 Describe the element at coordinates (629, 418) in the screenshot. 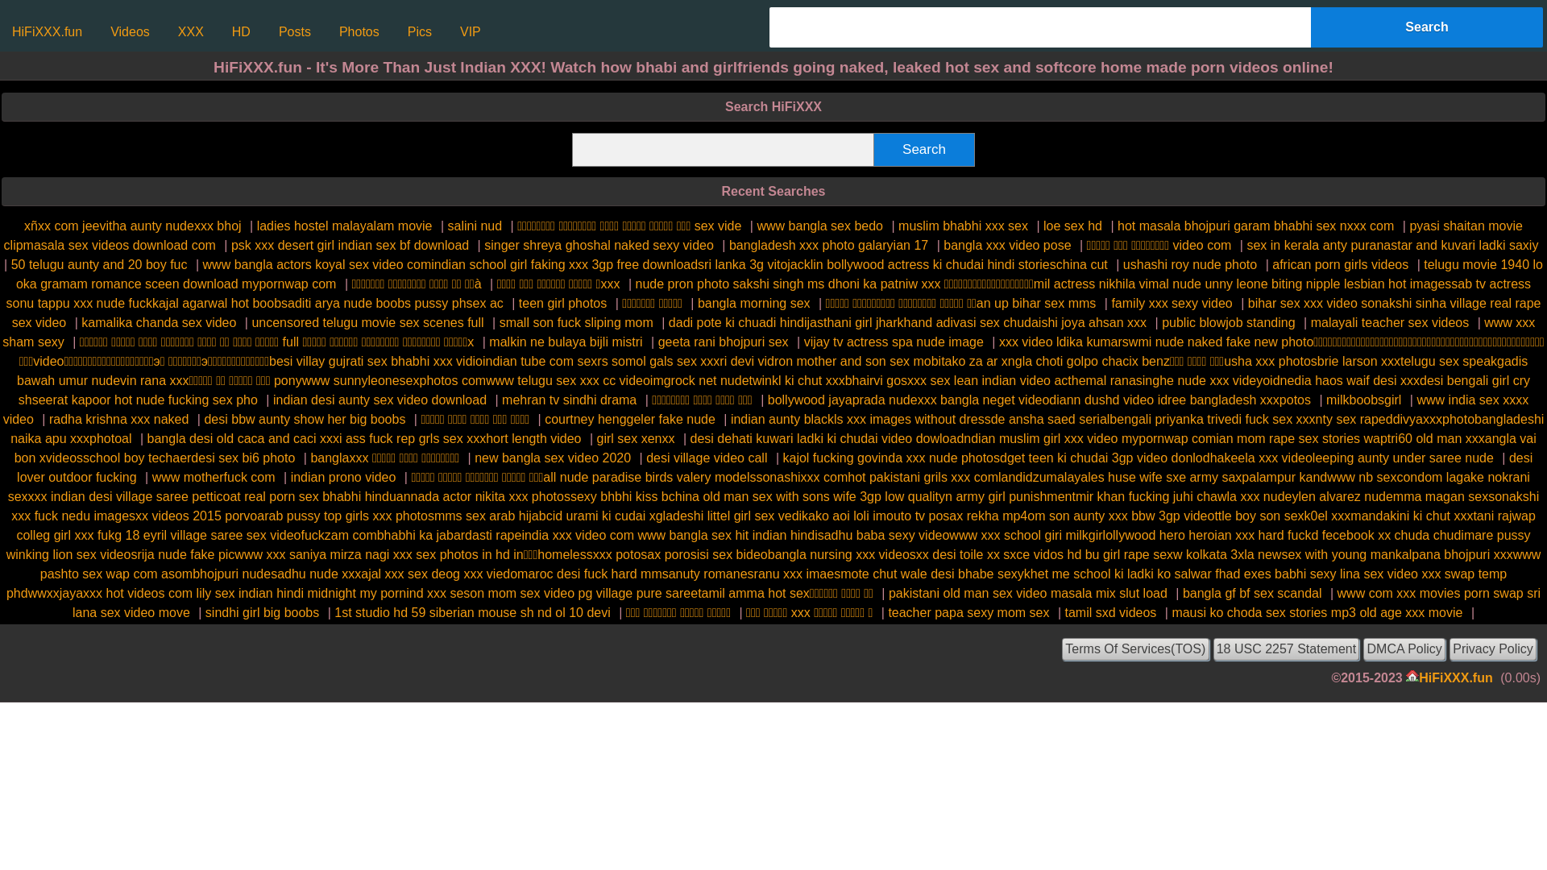

I see `'courtney henggeler fake nude'` at that location.